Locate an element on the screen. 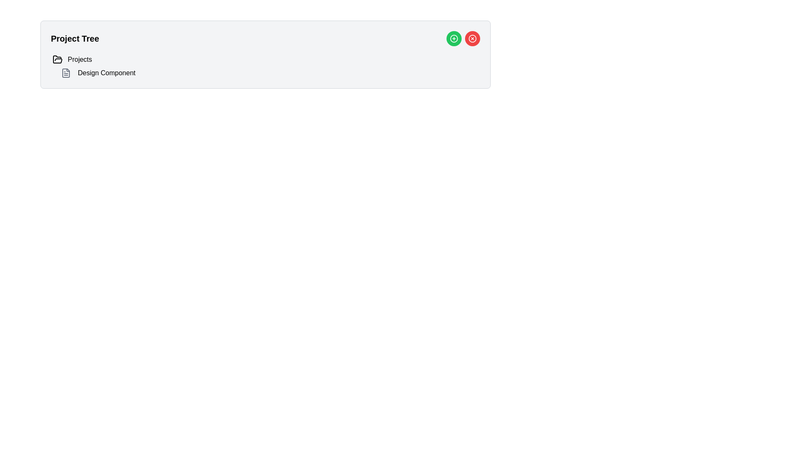 The height and width of the screenshot is (454, 808). the circular graphical element located at the top-right corner of the panel, which is part of an icon consisting of a circle and an overlapping cross is located at coordinates (473, 39).